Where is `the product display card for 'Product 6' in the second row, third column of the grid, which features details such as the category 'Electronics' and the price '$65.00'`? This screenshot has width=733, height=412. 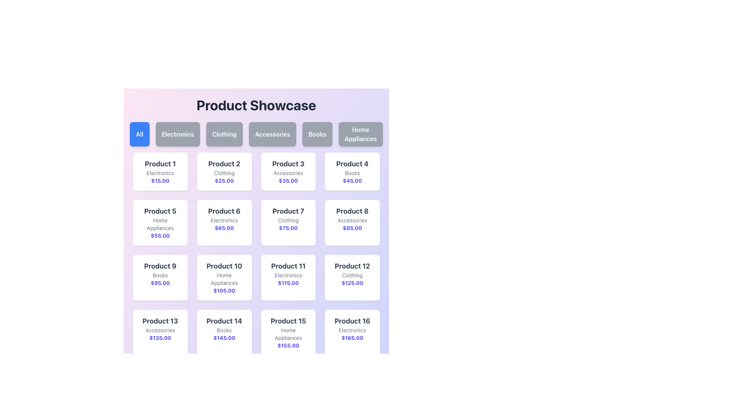
the product display card for 'Product 6' in the second row, third column of the grid, which features details such as the category 'Electronics' and the price '$65.00' is located at coordinates (224, 222).